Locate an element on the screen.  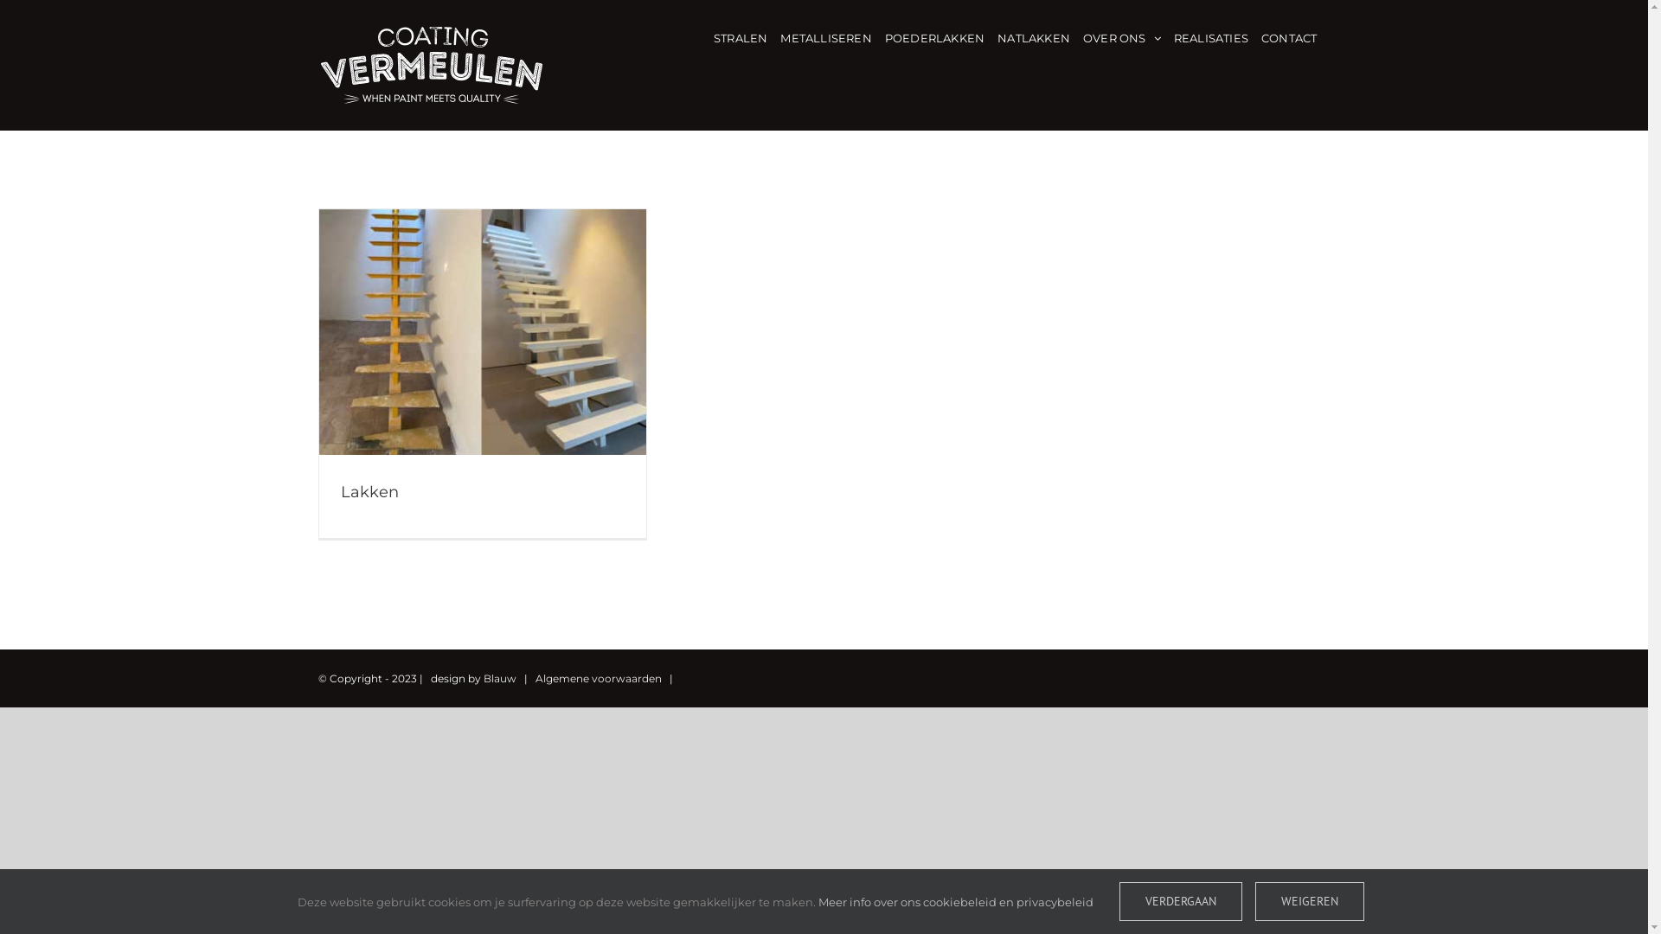
'POEDERLAKKEN' is located at coordinates (933, 36).